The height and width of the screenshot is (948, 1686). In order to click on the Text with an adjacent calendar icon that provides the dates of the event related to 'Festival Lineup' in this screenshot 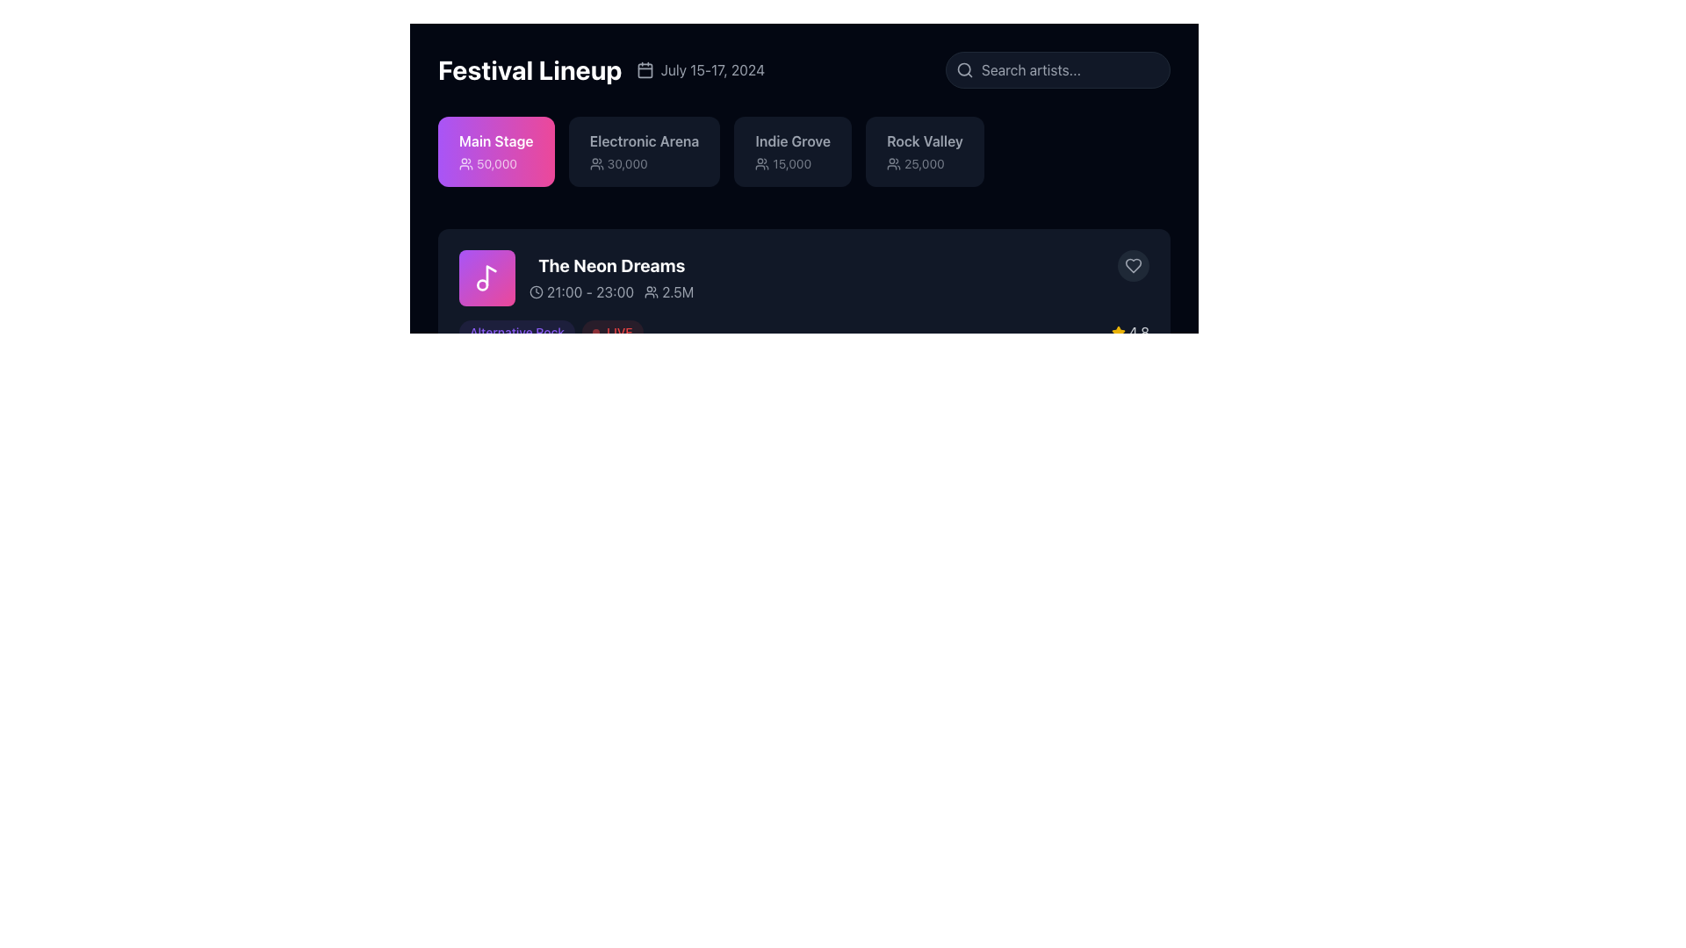, I will do `click(699, 69)`.